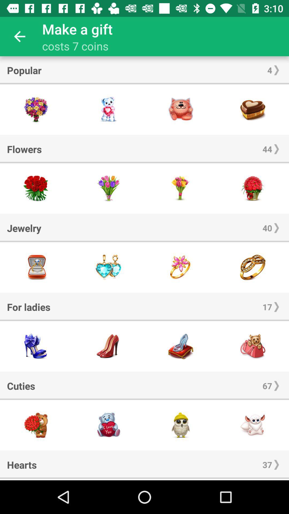 This screenshot has width=289, height=514. I want to click on the icon below the cuties, so click(144, 399).